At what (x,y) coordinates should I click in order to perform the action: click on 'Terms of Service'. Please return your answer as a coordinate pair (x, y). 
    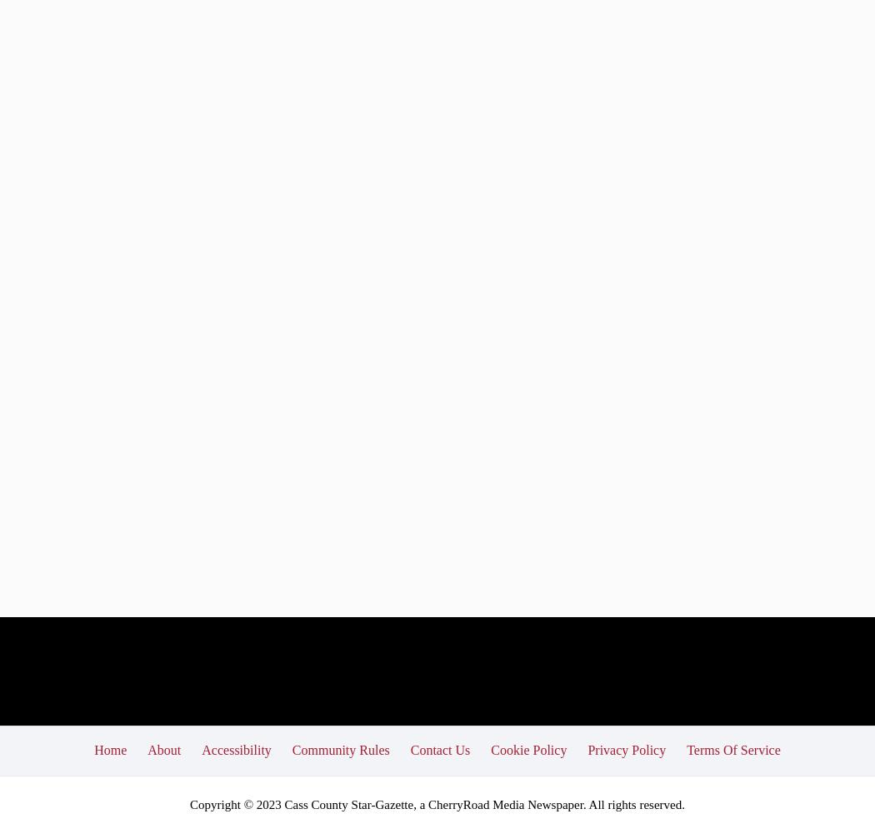
    Looking at the image, I should click on (732, 749).